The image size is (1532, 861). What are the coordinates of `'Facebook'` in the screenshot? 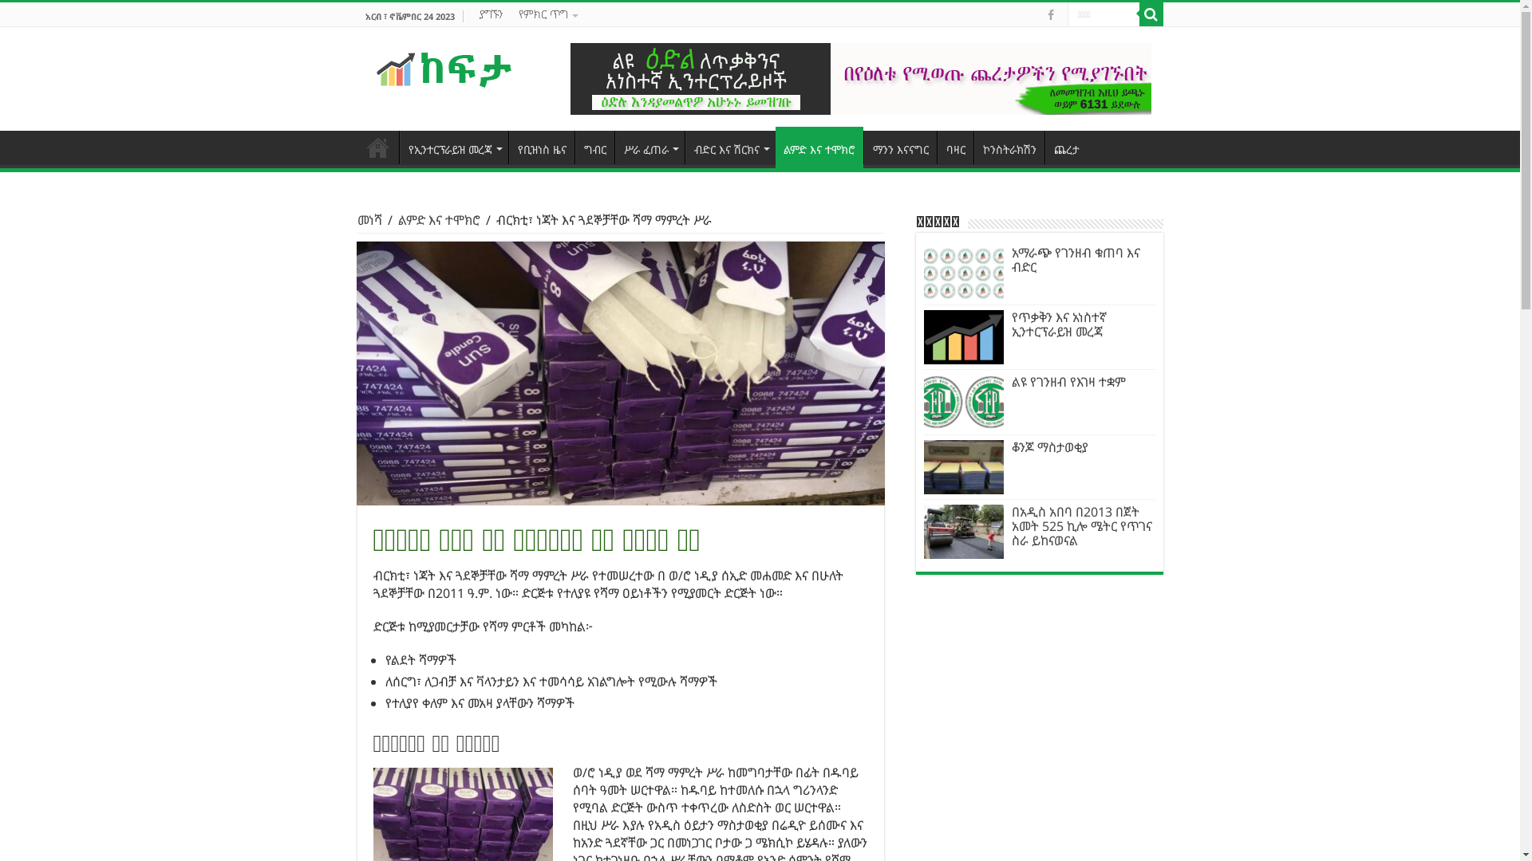 It's located at (1049, 15).